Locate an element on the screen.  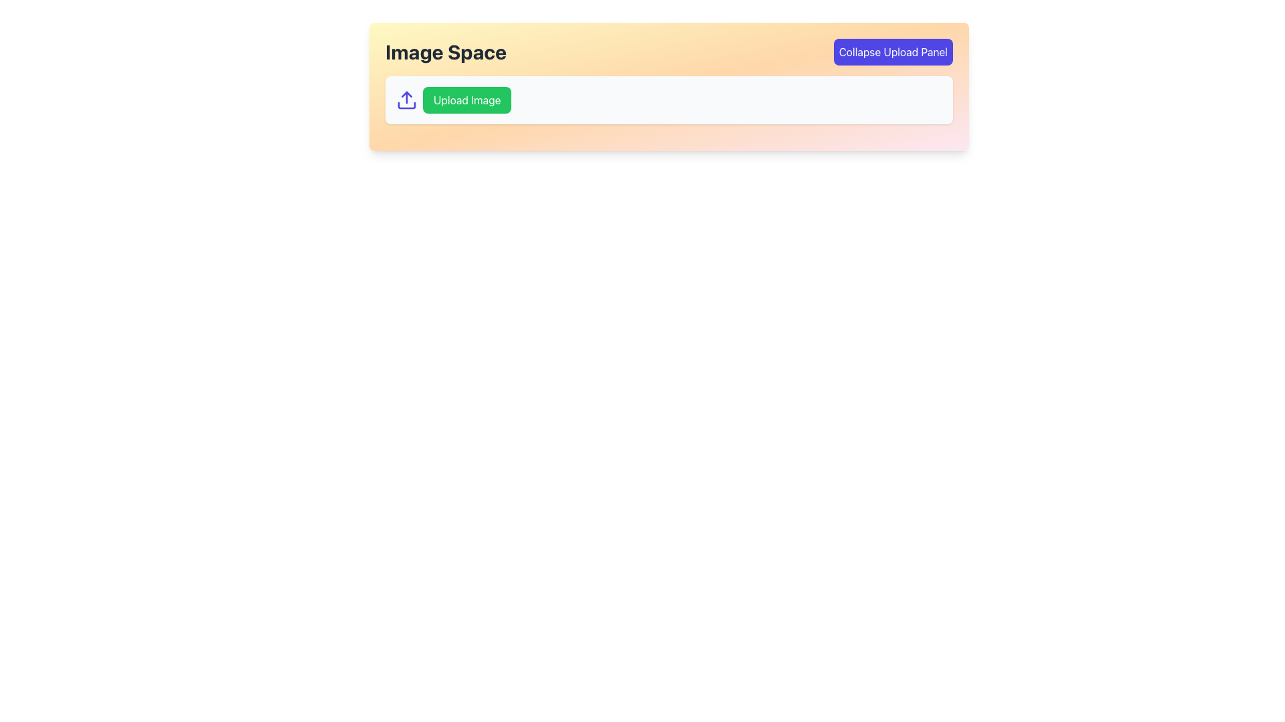
the lower rectangular segment of the upload icon within the 'Image Space' panel, which is positioned to the left of the 'Upload Image' button is located at coordinates (406, 105).